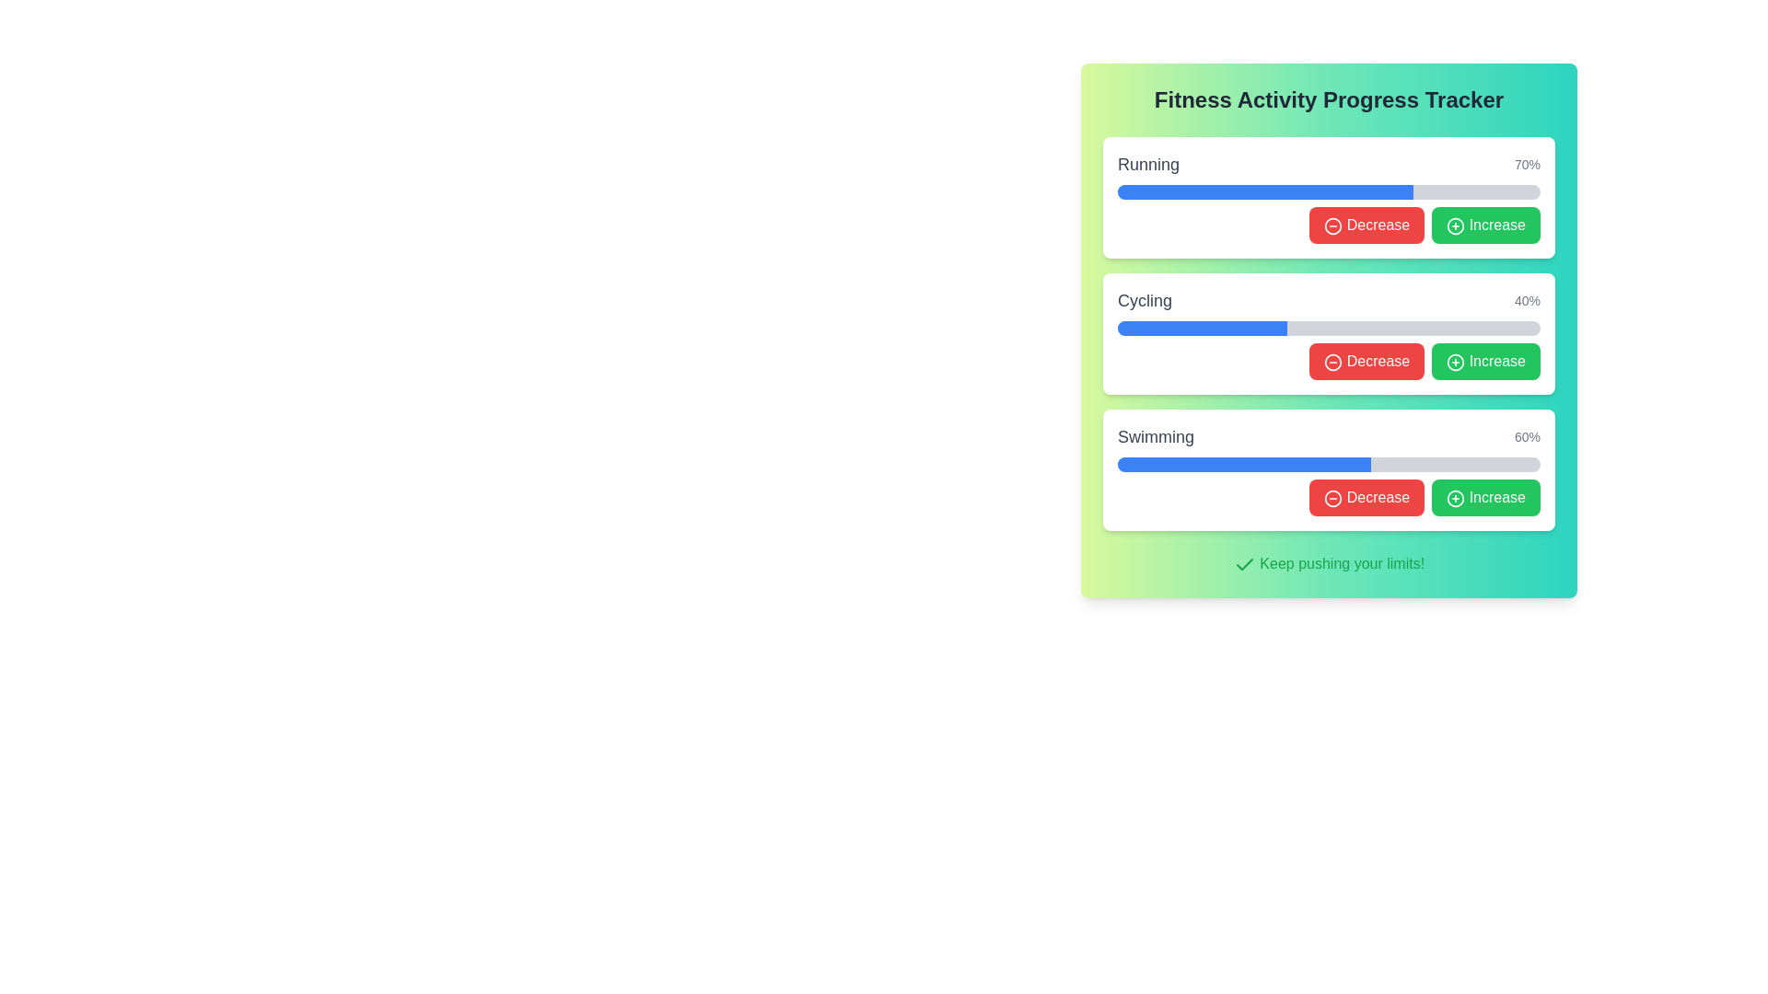 The height and width of the screenshot is (994, 1768). Describe the element at coordinates (1528, 436) in the screenshot. I see `the static text display that shows the current progress percentage of the 'Swimming' activity, located in the 'Swimming' section of the progress tracker interface` at that location.